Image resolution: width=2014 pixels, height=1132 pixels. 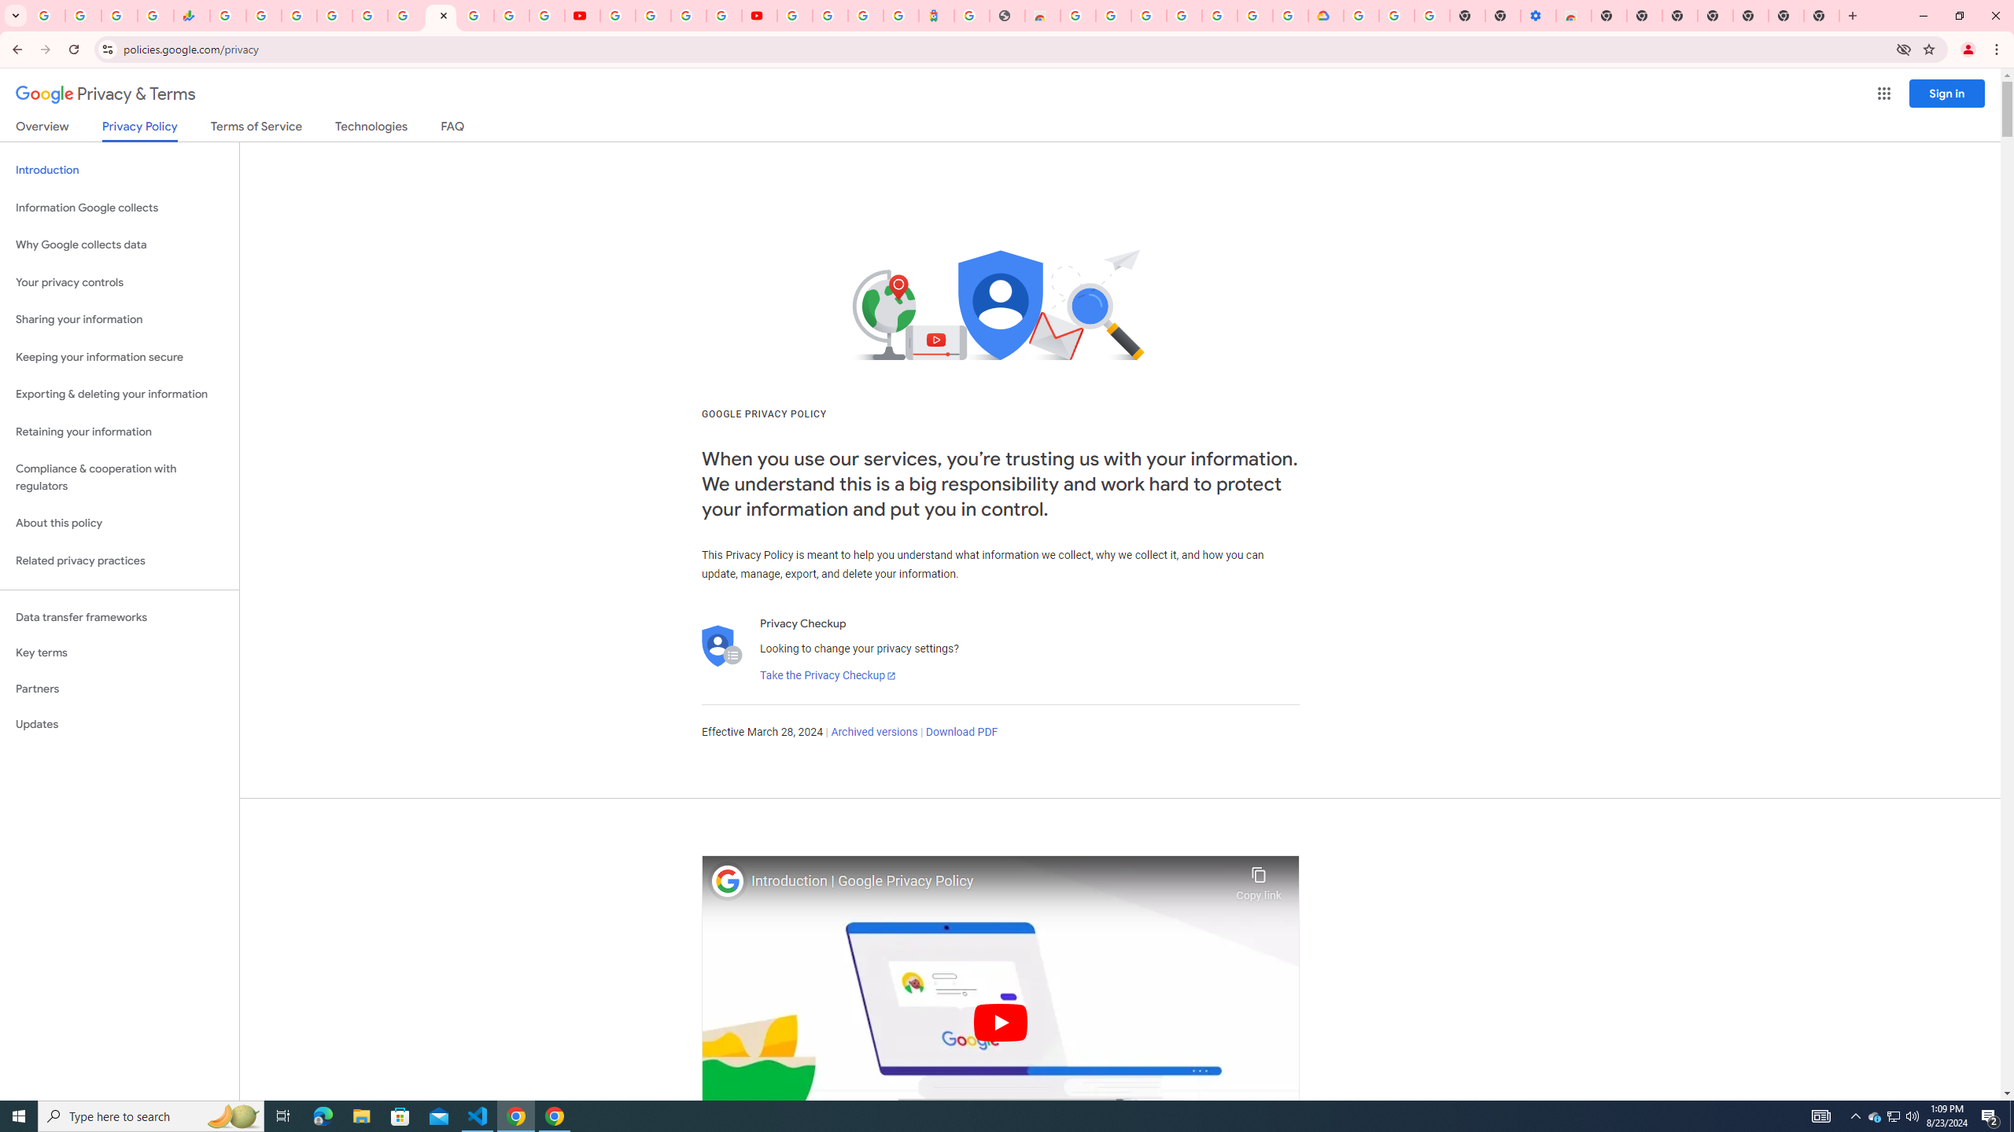 I want to click on 'Chrome Web Store - Household', so click(x=1042, y=15).